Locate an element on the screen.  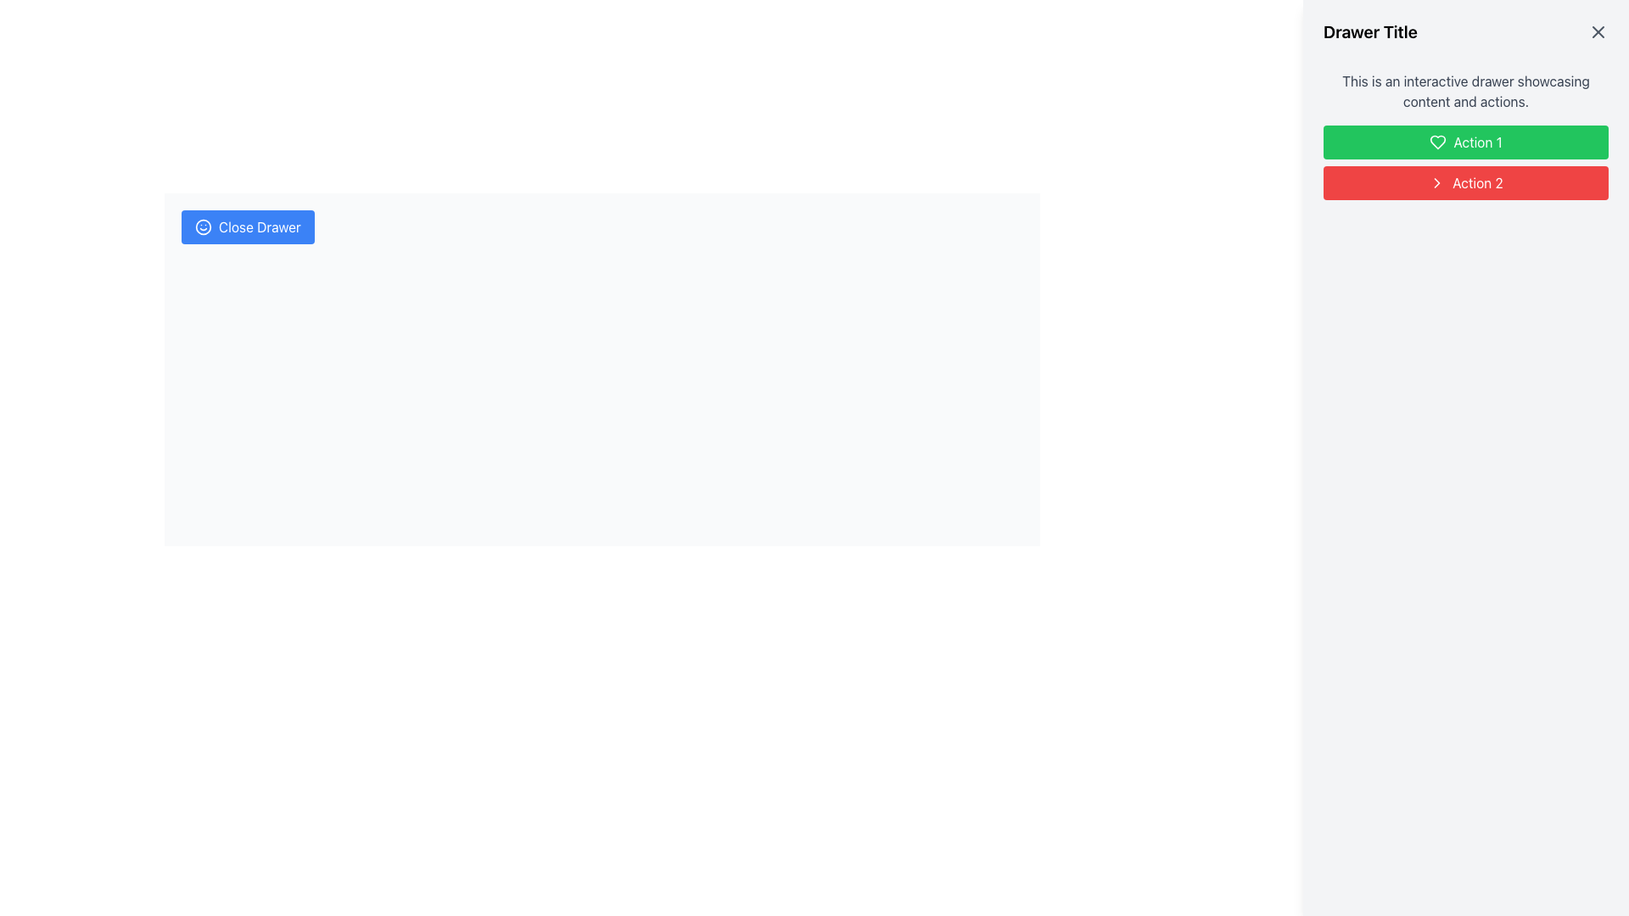
the 'Close Drawer' text within the button for accessibility tools is located at coordinates (259, 226).